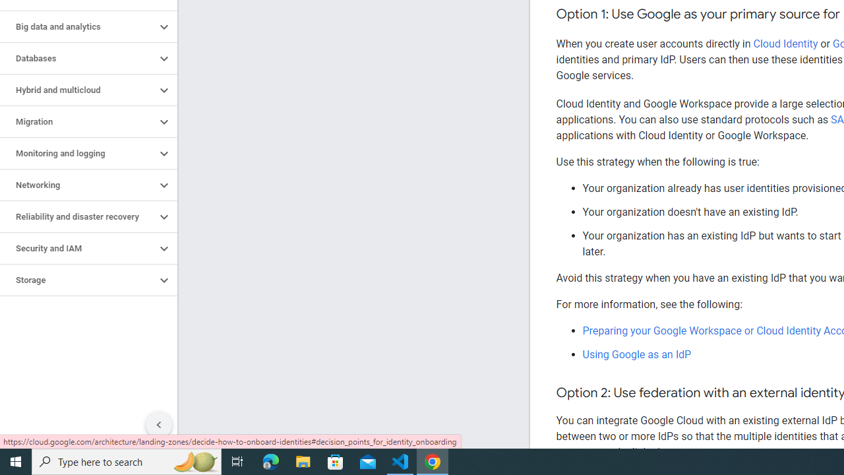 This screenshot has height=475, width=844. What do you see at coordinates (637, 354) in the screenshot?
I see `'Using Google as an IdP'` at bounding box center [637, 354].